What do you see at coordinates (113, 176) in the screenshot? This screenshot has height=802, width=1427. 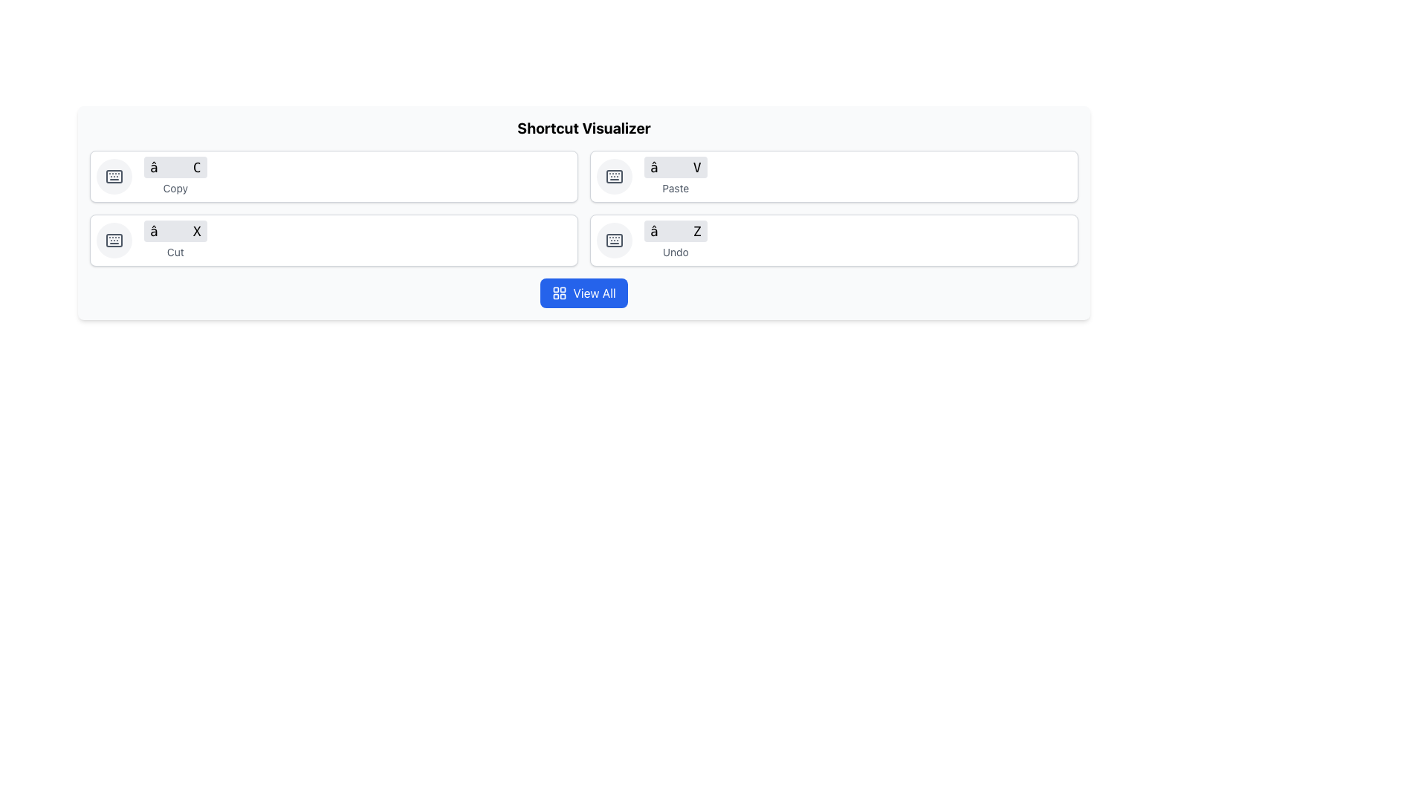 I see `the representation of the vector graphic component that symbolizes the space bar within the keyboard icon, located near the middle-lower part of the icon` at bounding box center [113, 176].